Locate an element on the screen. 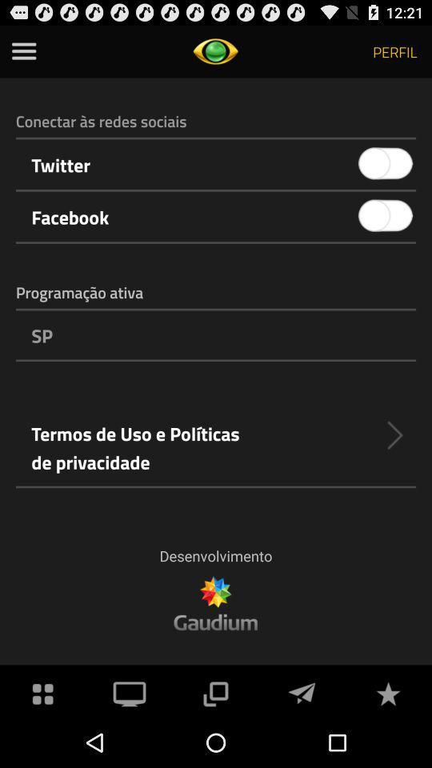 This screenshot has width=432, height=768. the icon next to twitter app is located at coordinates (385, 164).